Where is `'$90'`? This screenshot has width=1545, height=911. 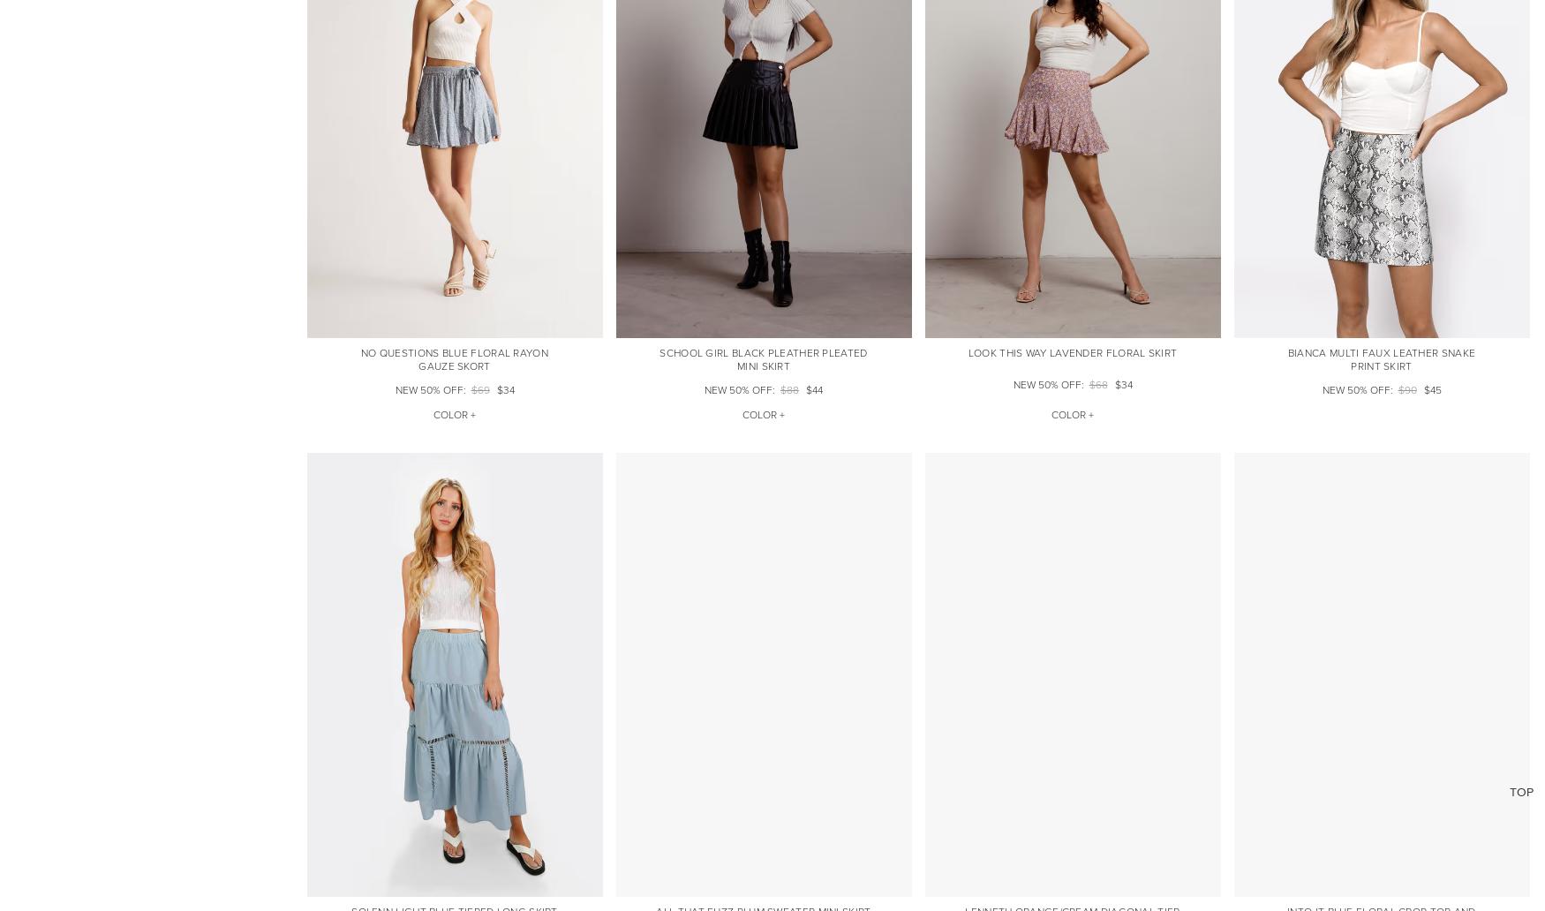 '$90' is located at coordinates (1406, 389).